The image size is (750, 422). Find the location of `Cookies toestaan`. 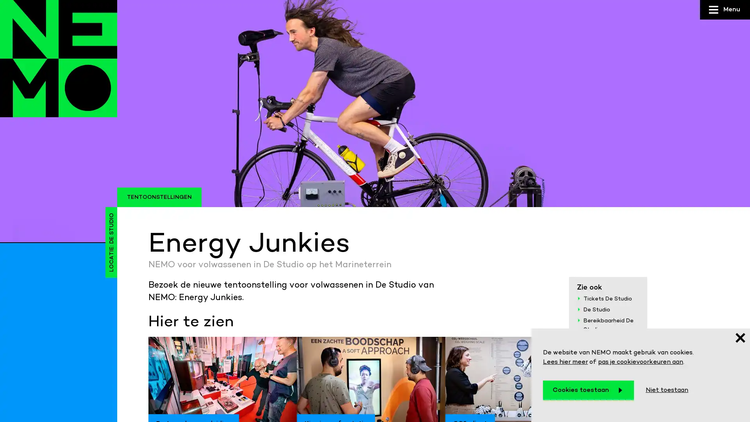

Cookies toestaan is located at coordinates (588, 390).